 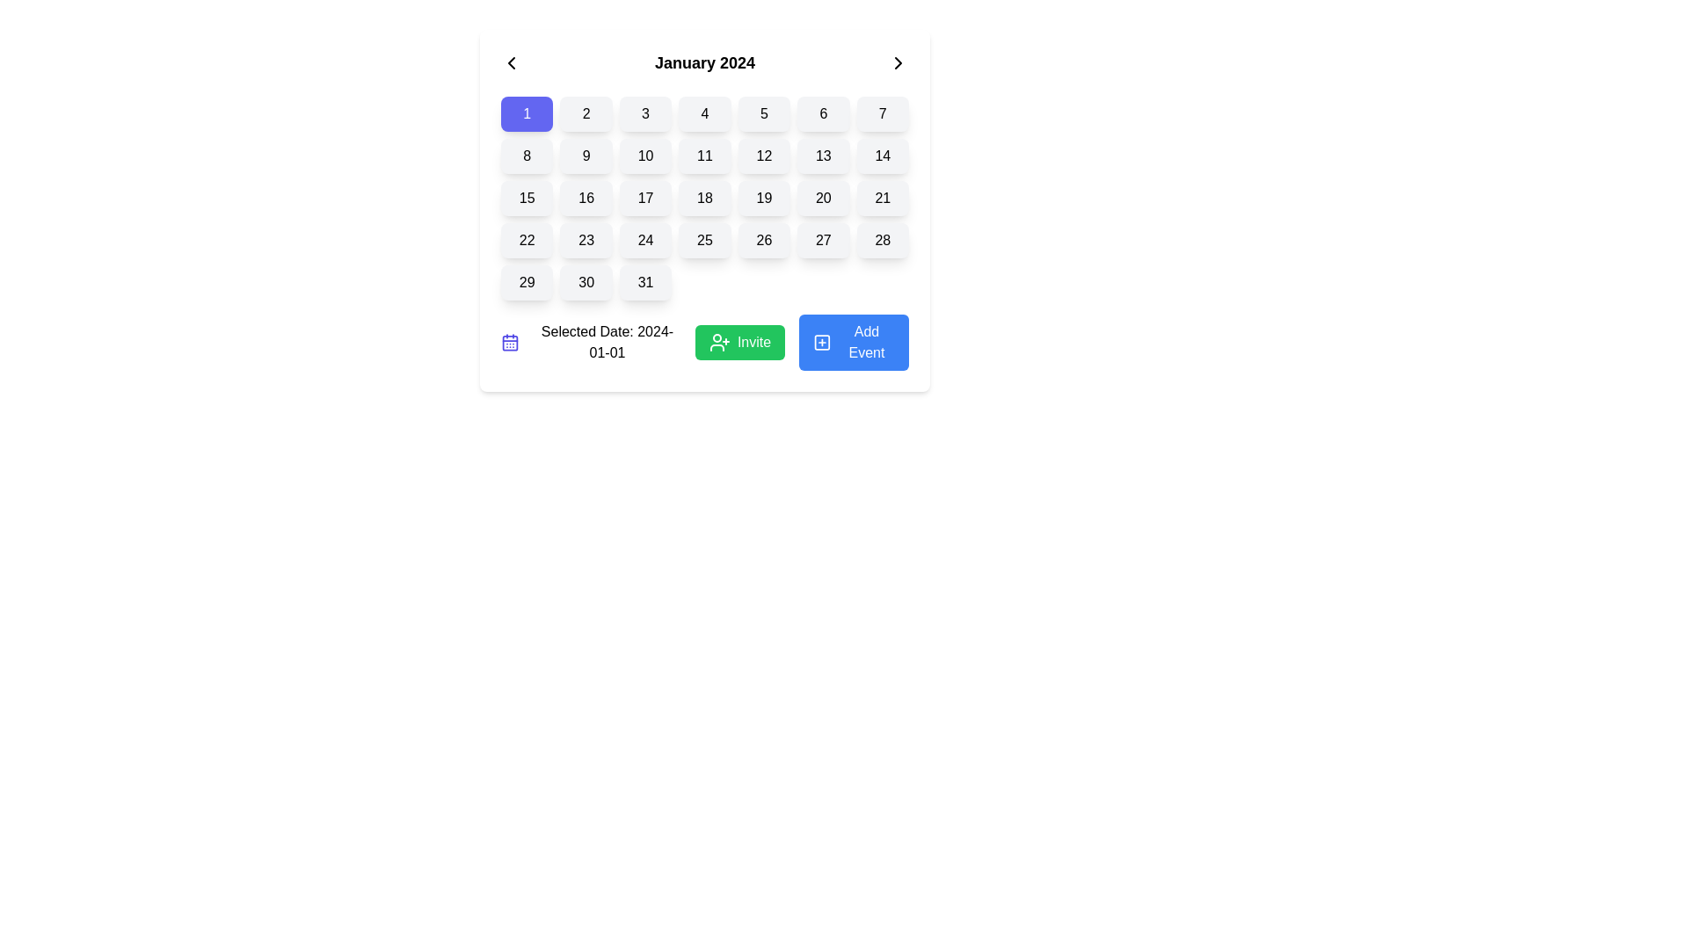 I want to click on the date '5' button in the calendar, so click(x=764, y=114).